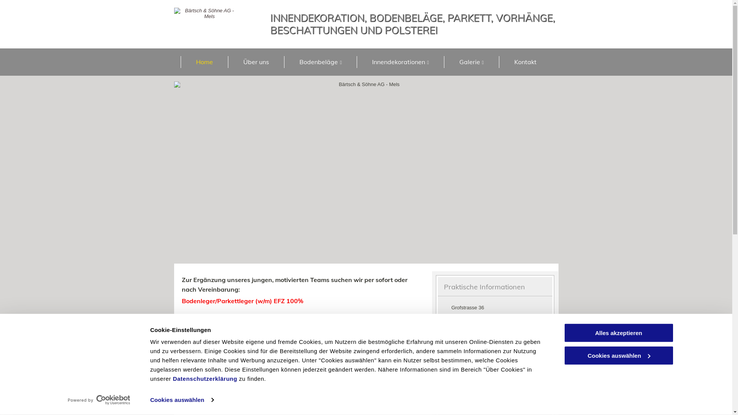 The width and height of the screenshot is (738, 415). Describe the element at coordinates (466, 362) in the screenshot. I see `'info@baertsch-soehne.ch'` at that location.